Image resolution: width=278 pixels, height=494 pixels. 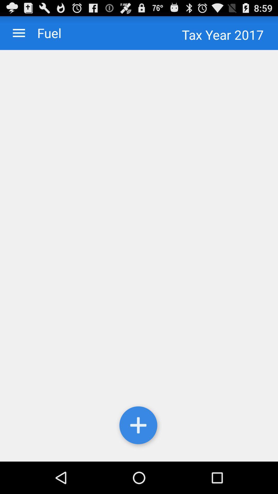 I want to click on the item at the bottom, so click(x=139, y=426).